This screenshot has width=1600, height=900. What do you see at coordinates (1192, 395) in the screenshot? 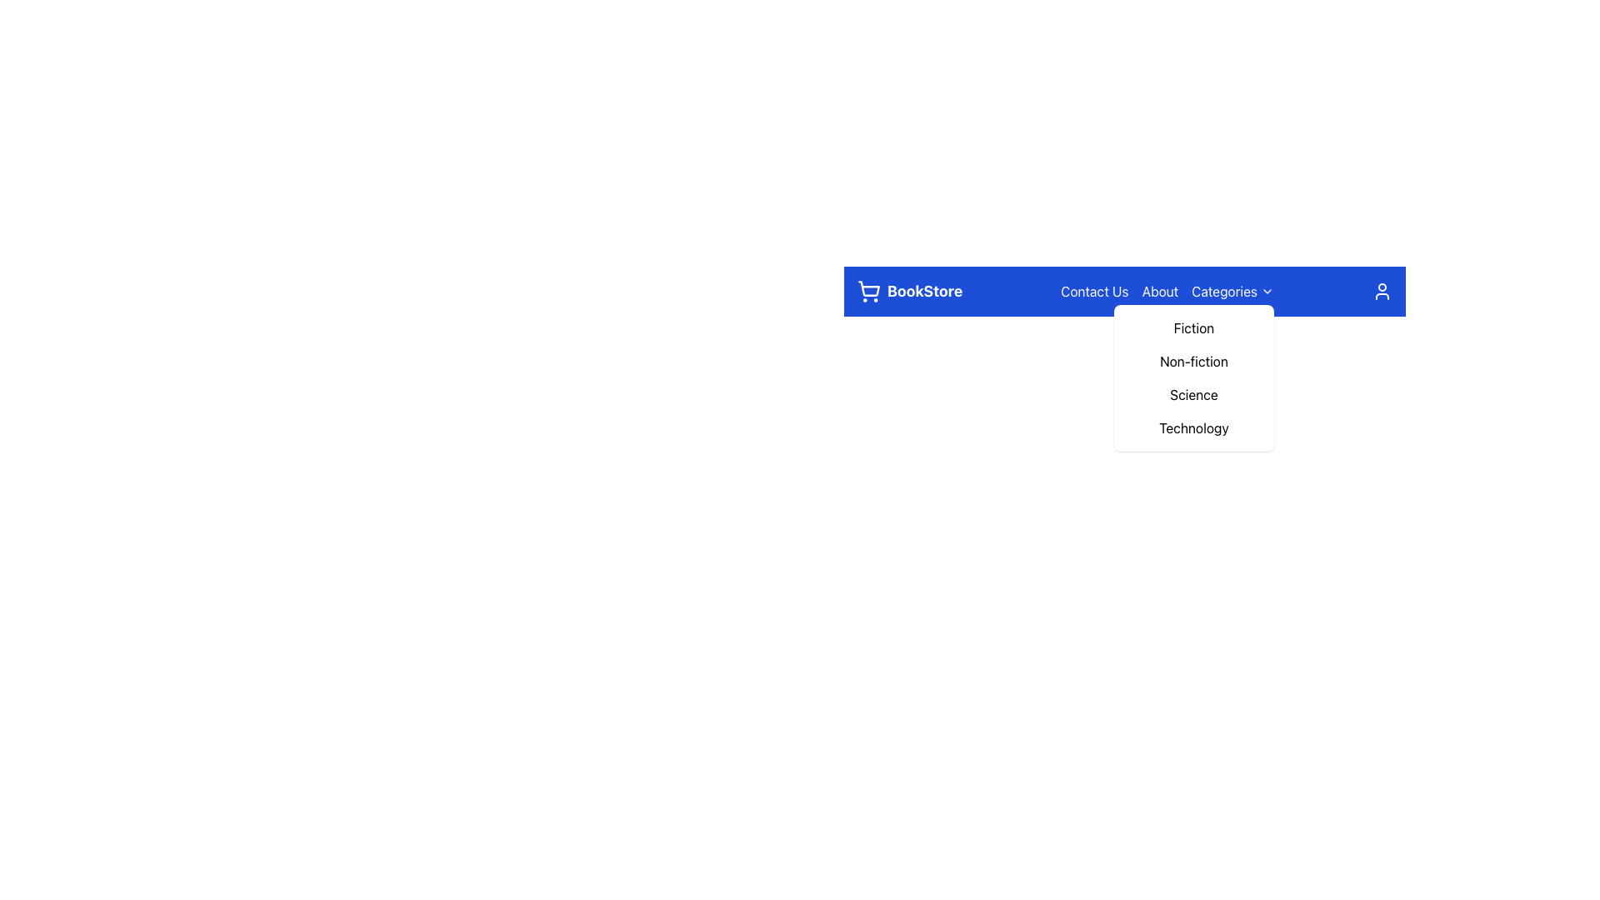
I see `the 'Science' menu option, which is the third item in the vertical dropdown menu under the 'Categories' section` at bounding box center [1192, 395].